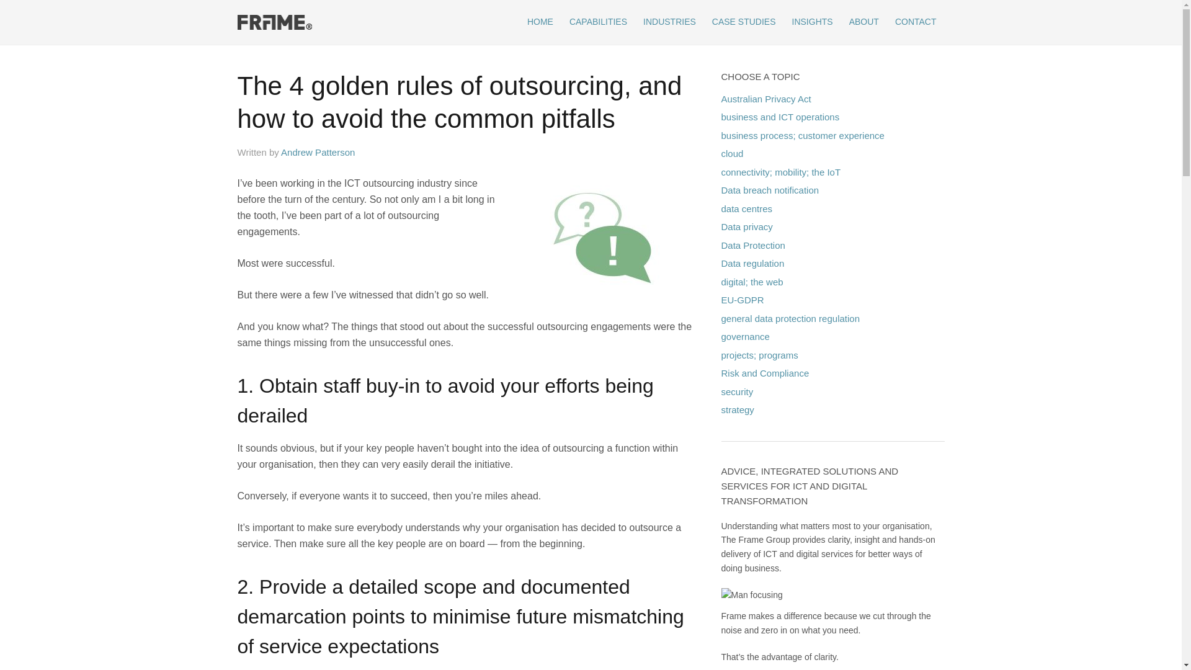 Image resolution: width=1191 pixels, height=670 pixels. What do you see at coordinates (519, 21) in the screenshot?
I see `'HOME'` at bounding box center [519, 21].